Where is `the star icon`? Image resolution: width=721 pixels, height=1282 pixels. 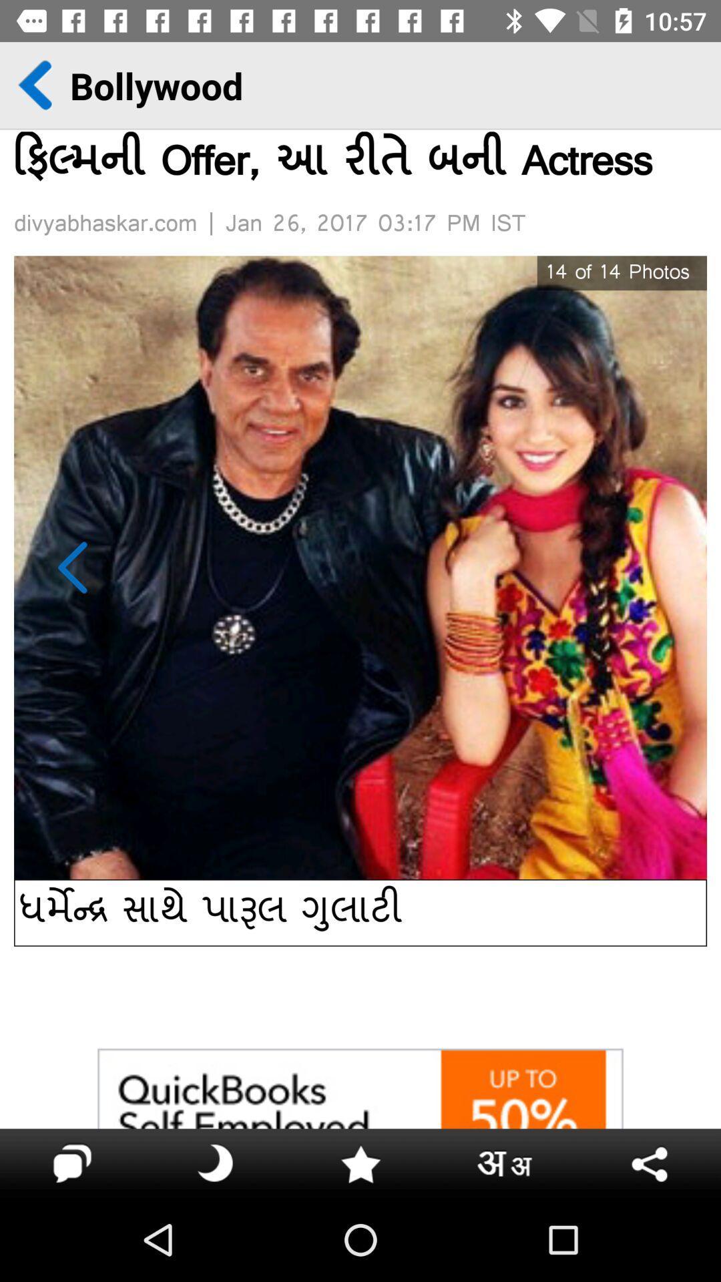
the star icon is located at coordinates (360, 1162).